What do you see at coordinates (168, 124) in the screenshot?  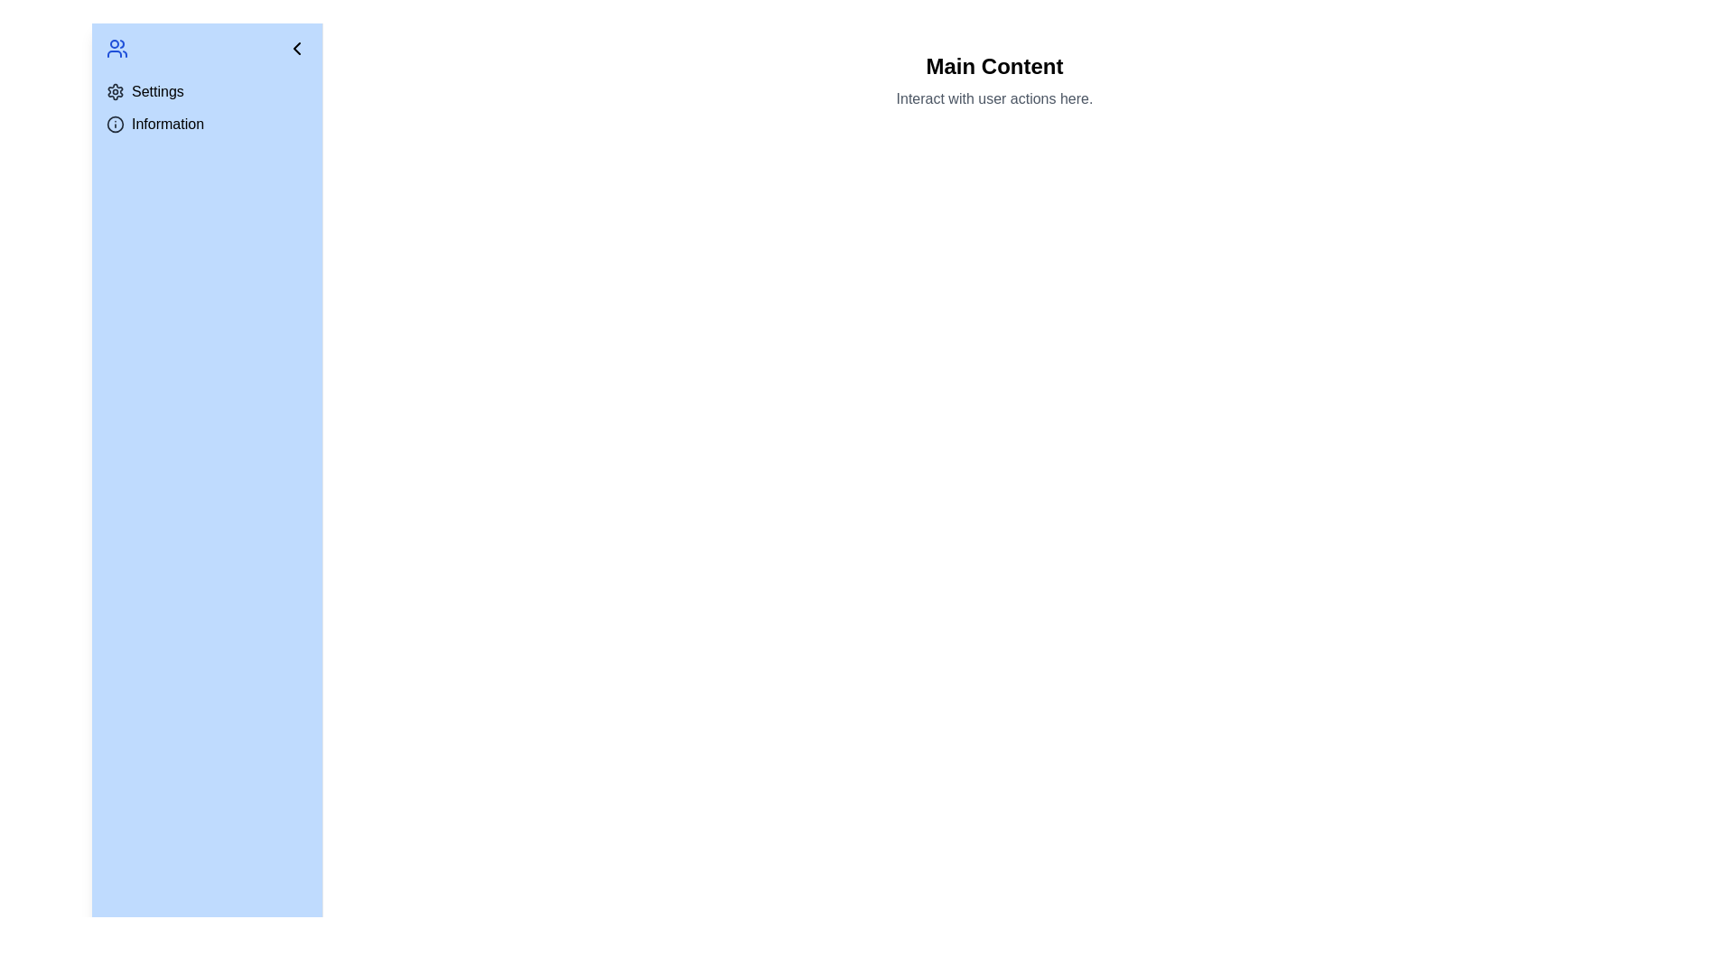 I see `the 'Information' text label in the vertical navigation menu` at bounding box center [168, 124].